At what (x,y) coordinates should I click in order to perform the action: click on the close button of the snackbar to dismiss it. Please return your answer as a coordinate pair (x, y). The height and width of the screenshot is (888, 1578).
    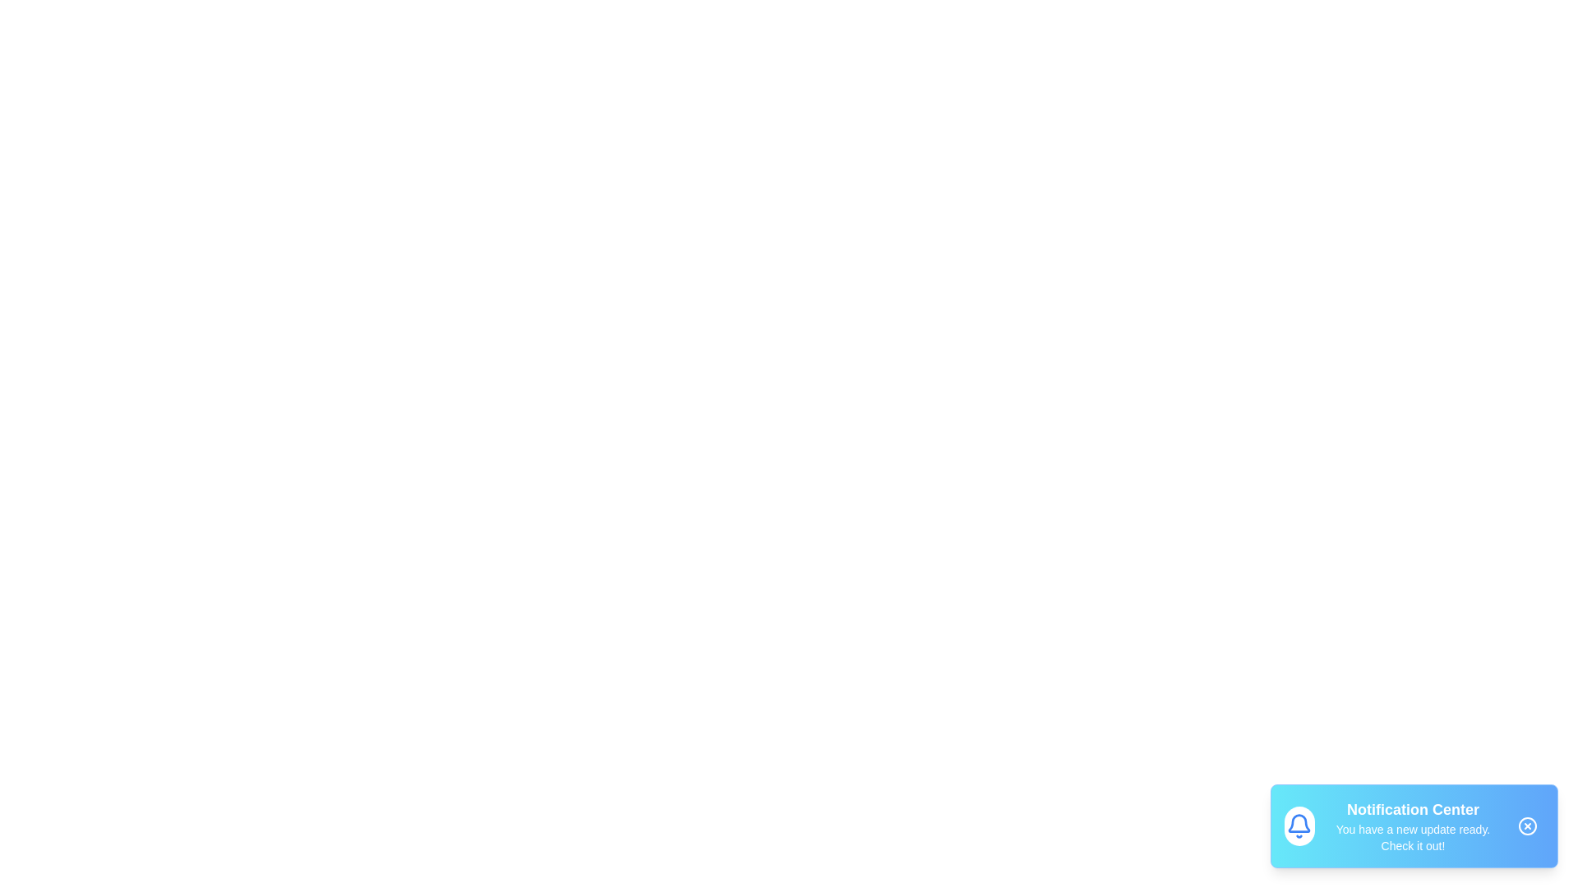
    Looking at the image, I should click on (1526, 826).